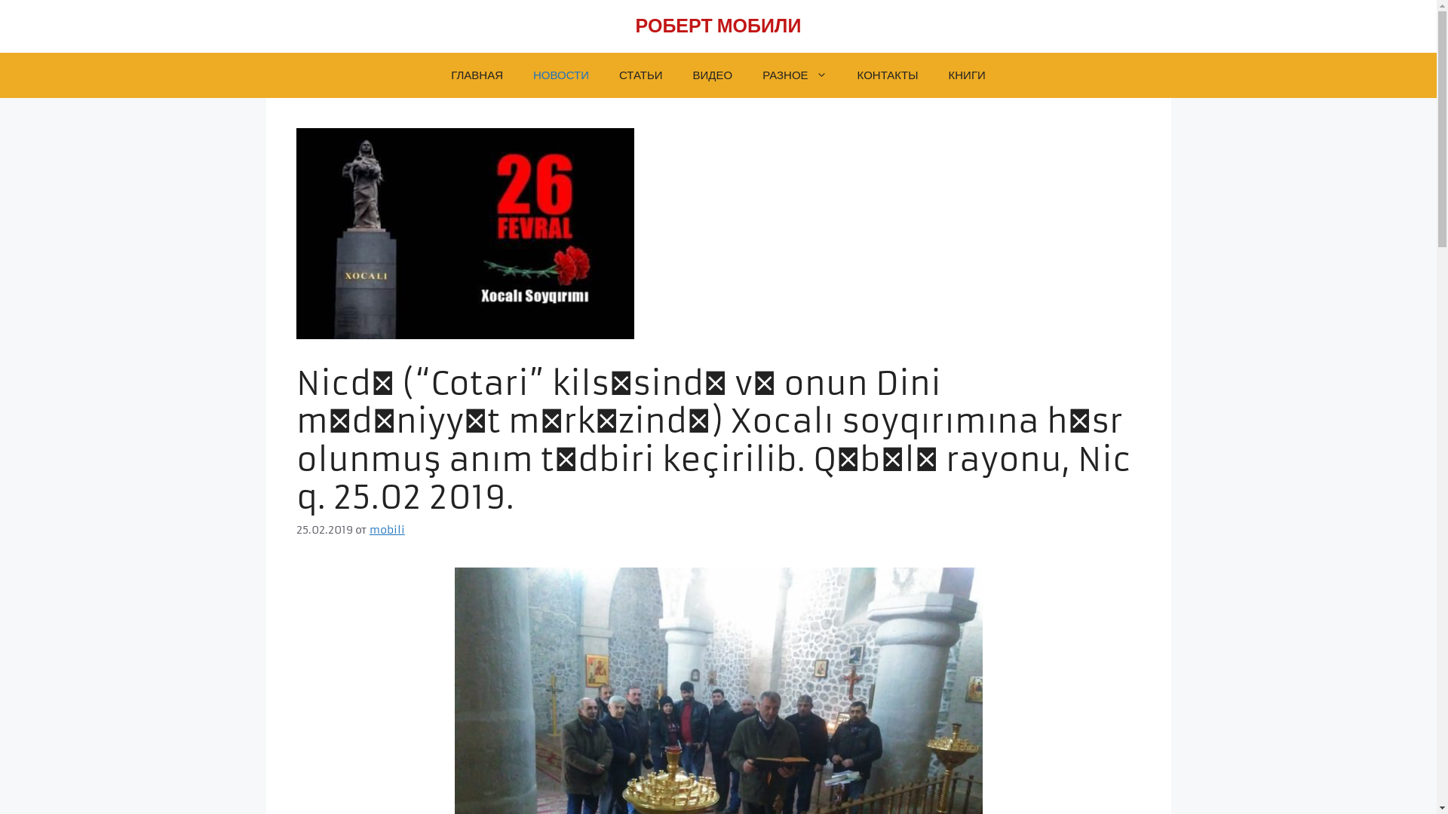 The height and width of the screenshot is (814, 1448). I want to click on 'mobili', so click(369, 528).